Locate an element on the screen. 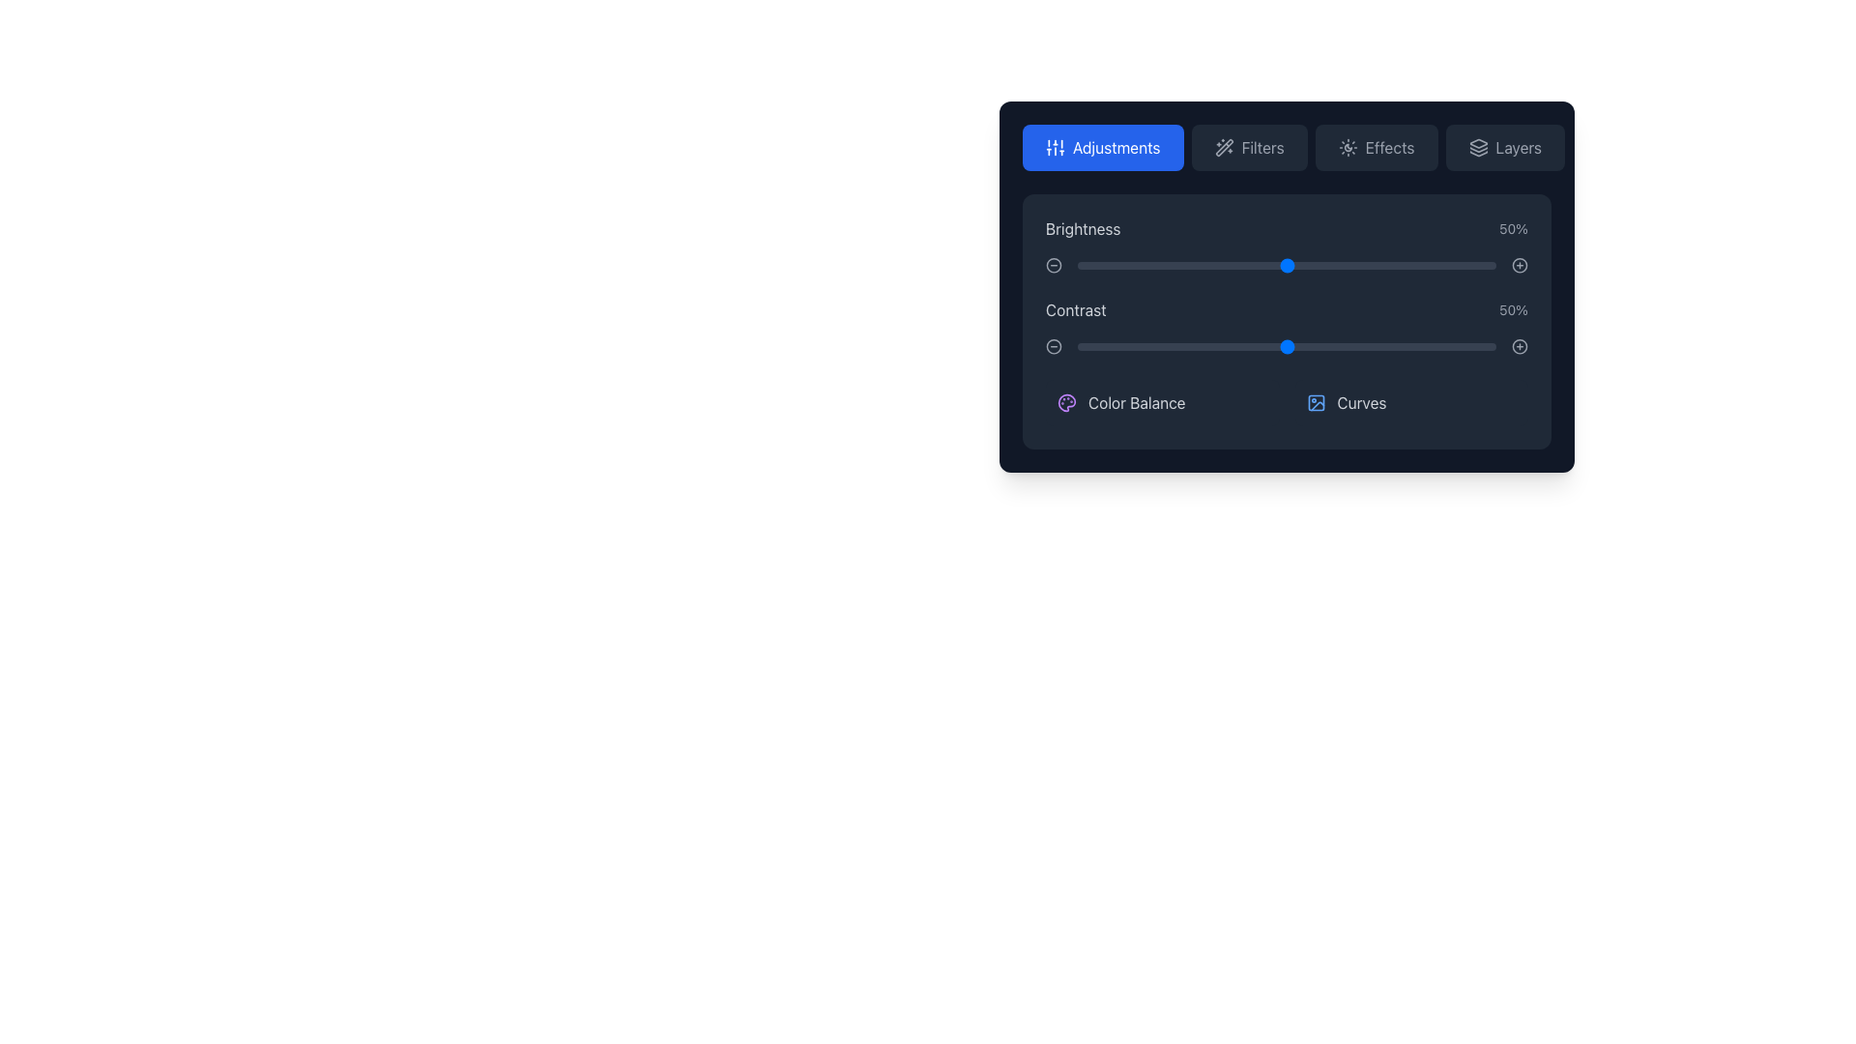 The width and height of the screenshot is (1856, 1044). the vertically-oriented sliders icon, which consists of three vertical lines with horizontal sliders, located to the left of the 'Adjustments' text in the top-left area of the expanded toolbar is located at coordinates (1054, 147).